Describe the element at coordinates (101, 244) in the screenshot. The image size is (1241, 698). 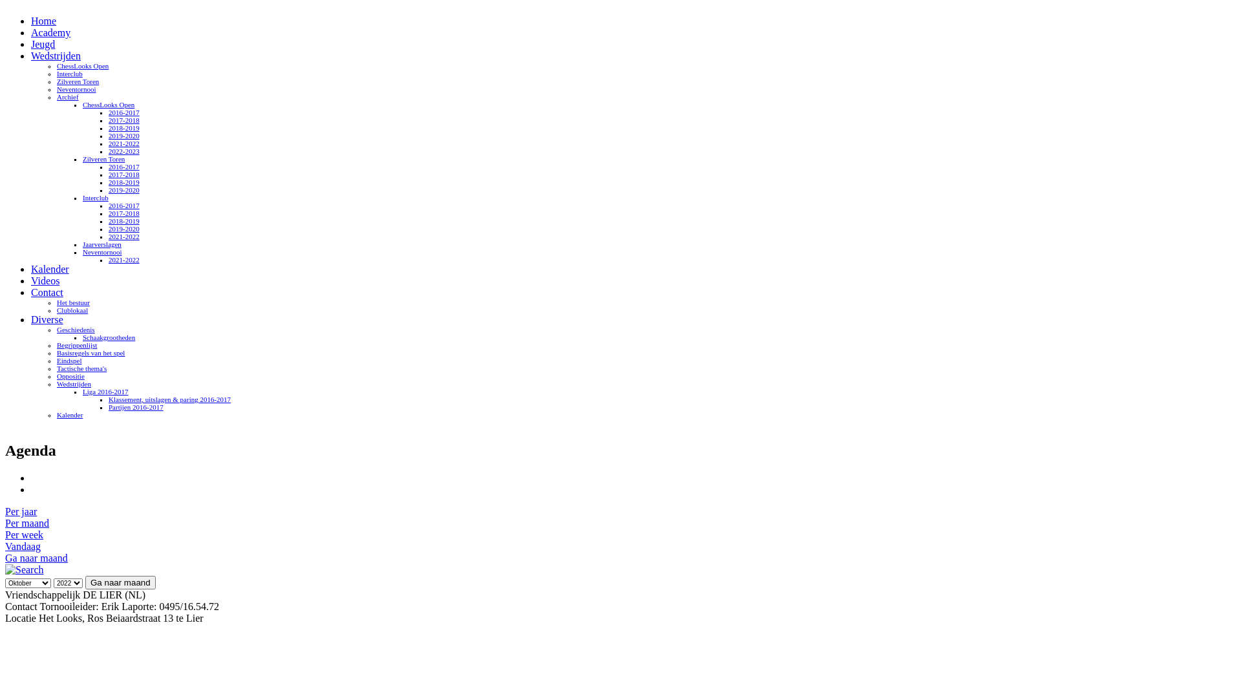
I see `'Jaarverslagen'` at that location.